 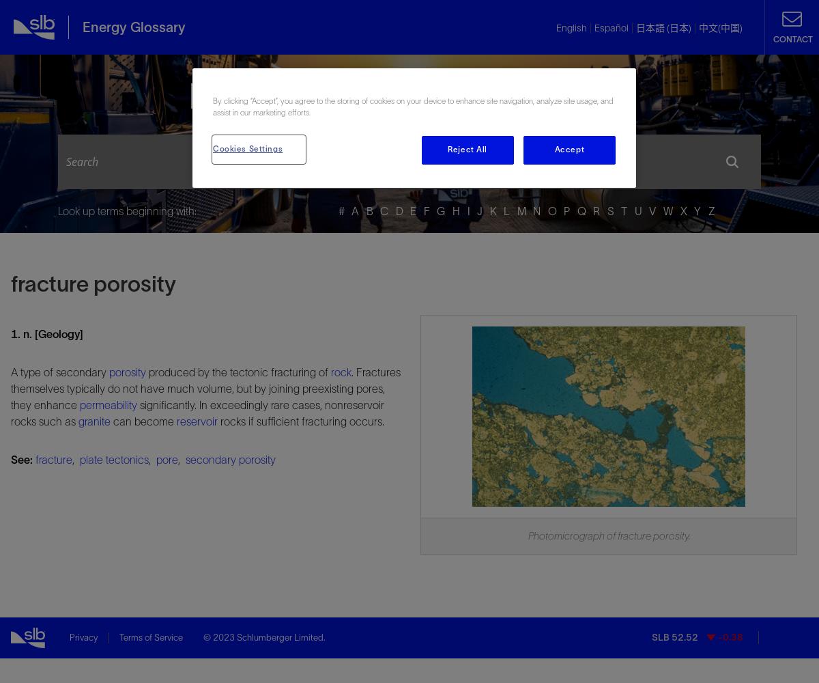 I want to click on 'k', so click(x=489, y=211).